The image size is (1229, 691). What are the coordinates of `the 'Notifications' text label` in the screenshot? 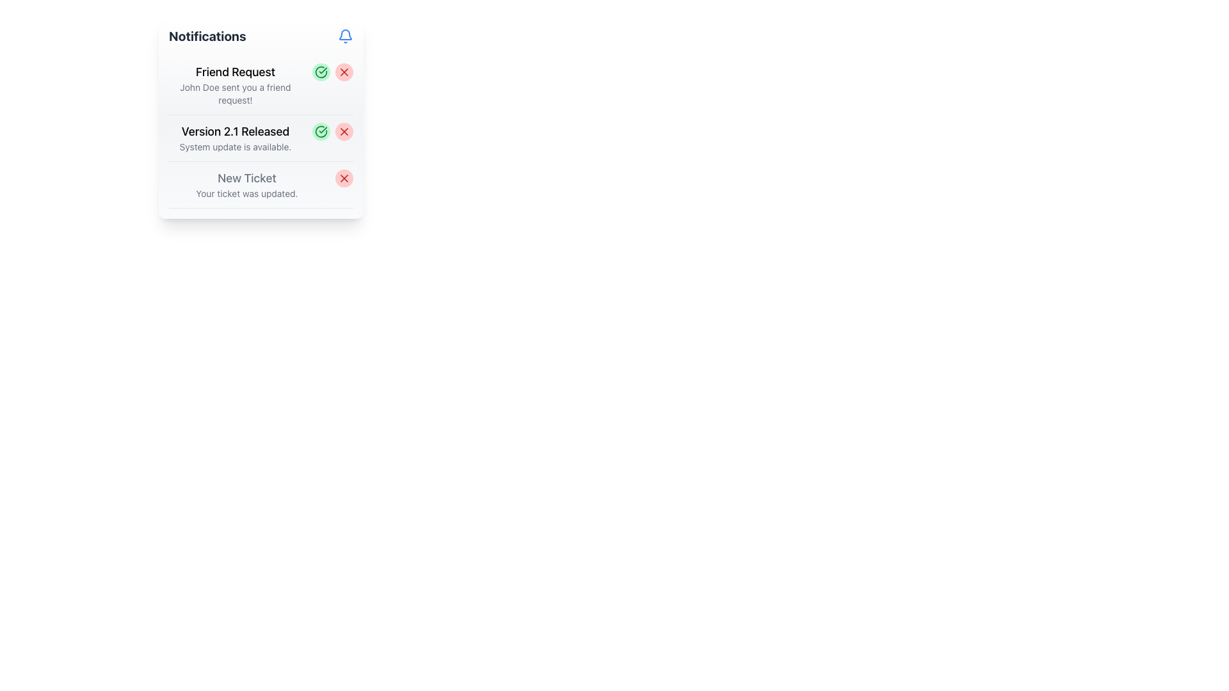 It's located at (207, 36).